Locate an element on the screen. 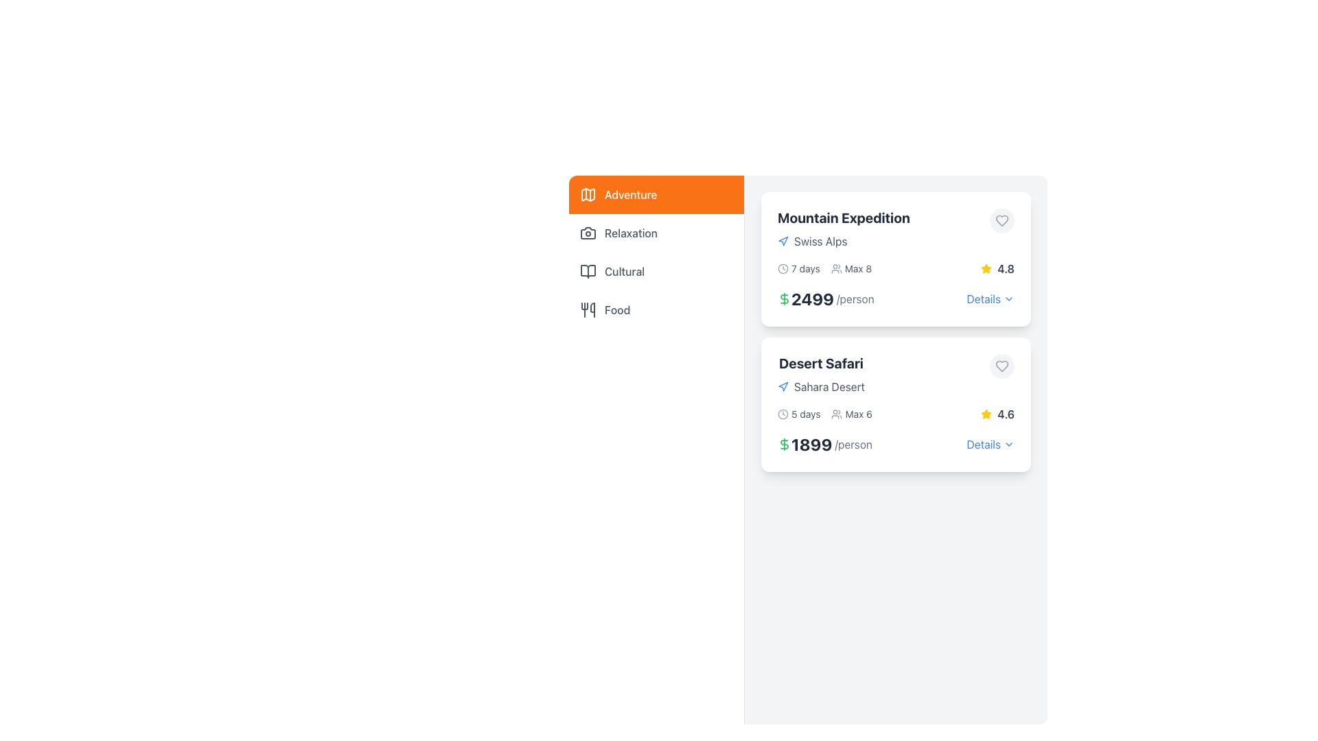  the button that reveals more information about the 'Desert Safari' offering using keyboard tabbing is located at coordinates (983, 445).